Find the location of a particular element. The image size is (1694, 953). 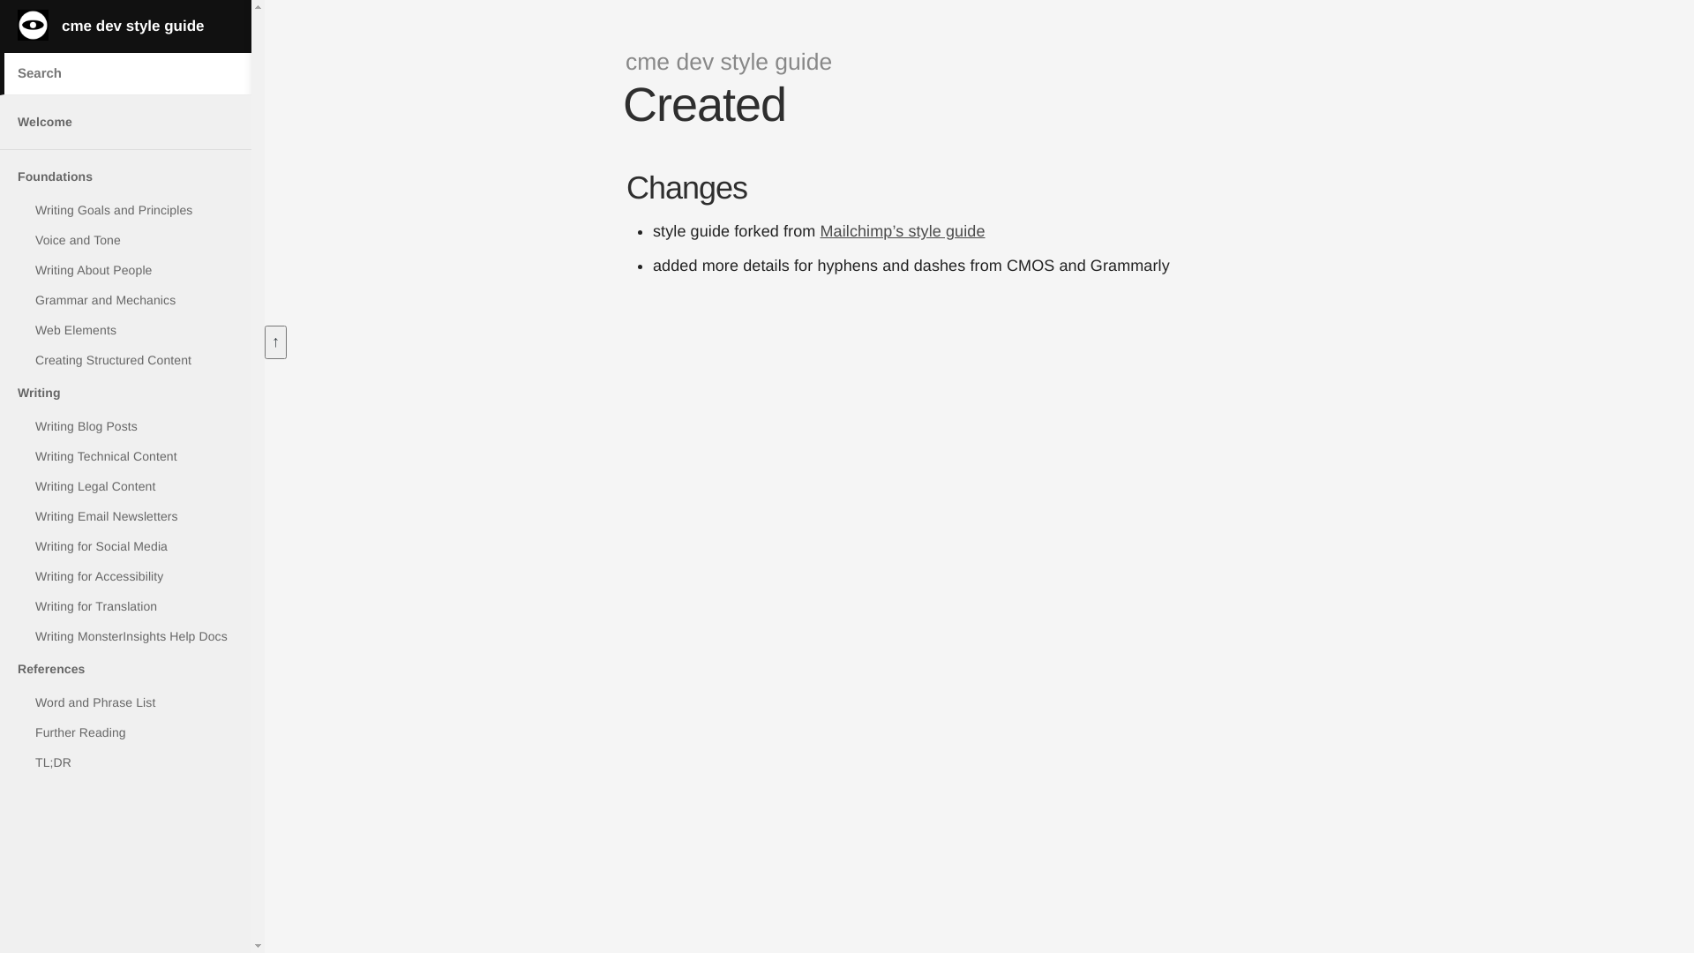

'Creating Structured Content' is located at coordinates (124, 359).